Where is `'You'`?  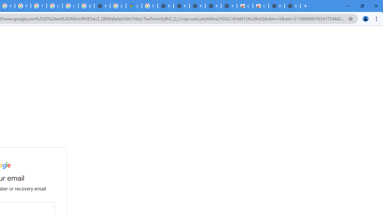 'You' is located at coordinates (365, 18).